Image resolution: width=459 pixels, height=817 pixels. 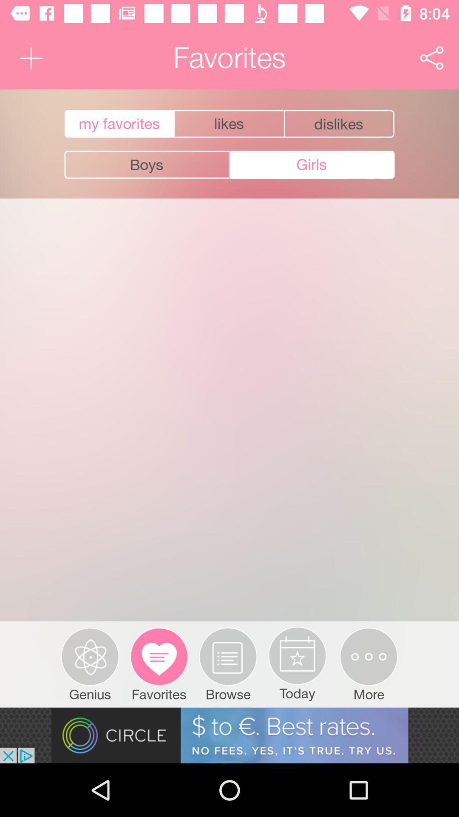 I want to click on open likes, so click(x=229, y=123).